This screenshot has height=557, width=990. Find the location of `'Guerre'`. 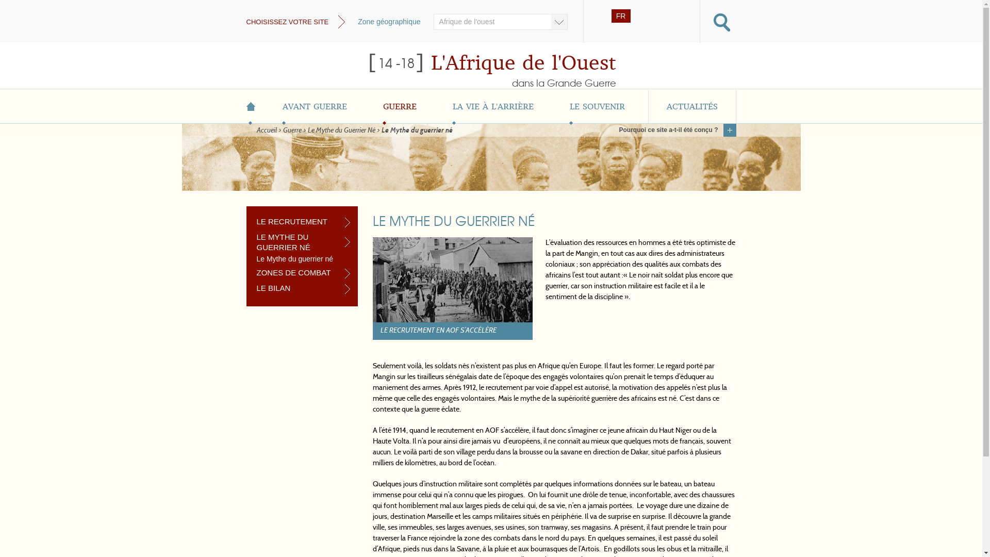

'Guerre' is located at coordinates (291, 130).